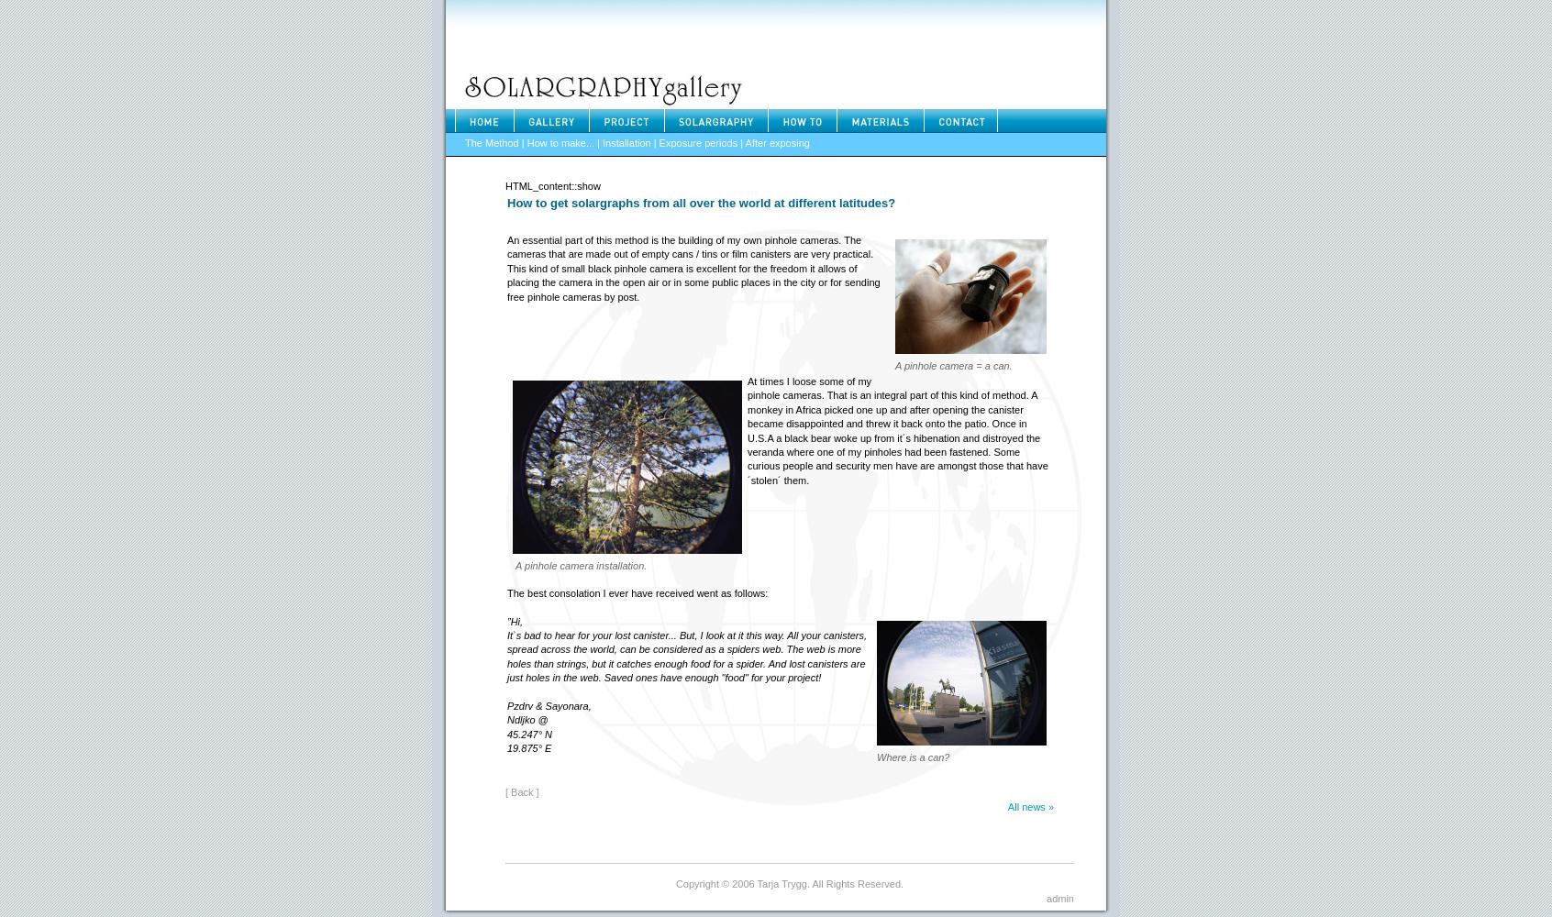 The width and height of the screenshot is (1552, 917). What do you see at coordinates (527, 747) in the screenshot?
I see `'19.875° E'` at bounding box center [527, 747].